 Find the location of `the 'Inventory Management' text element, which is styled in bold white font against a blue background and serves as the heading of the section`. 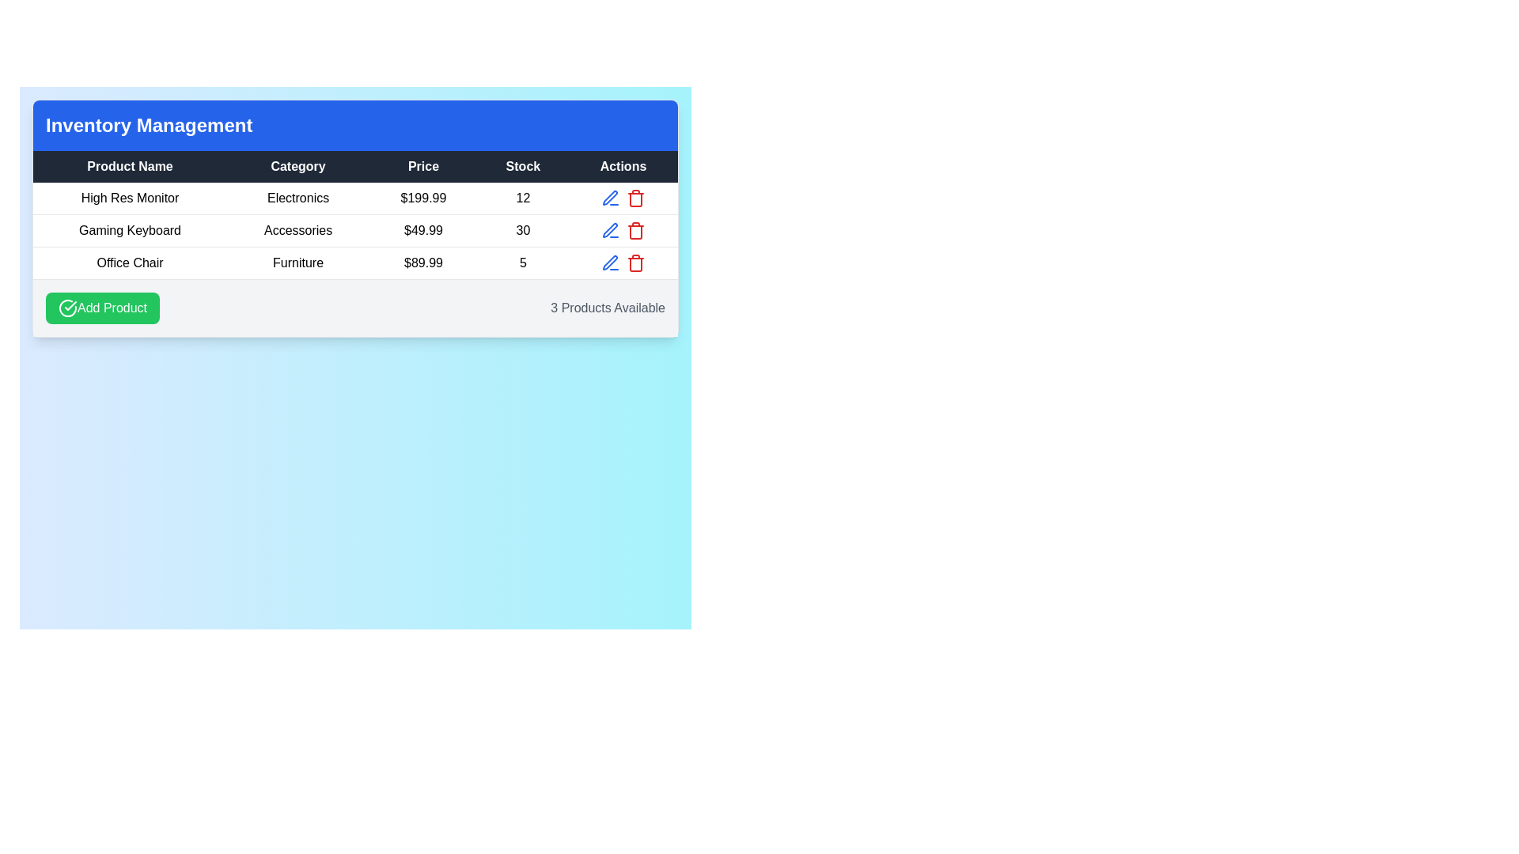

the 'Inventory Management' text element, which is styled in bold white font against a blue background and serves as the heading of the section is located at coordinates (149, 124).